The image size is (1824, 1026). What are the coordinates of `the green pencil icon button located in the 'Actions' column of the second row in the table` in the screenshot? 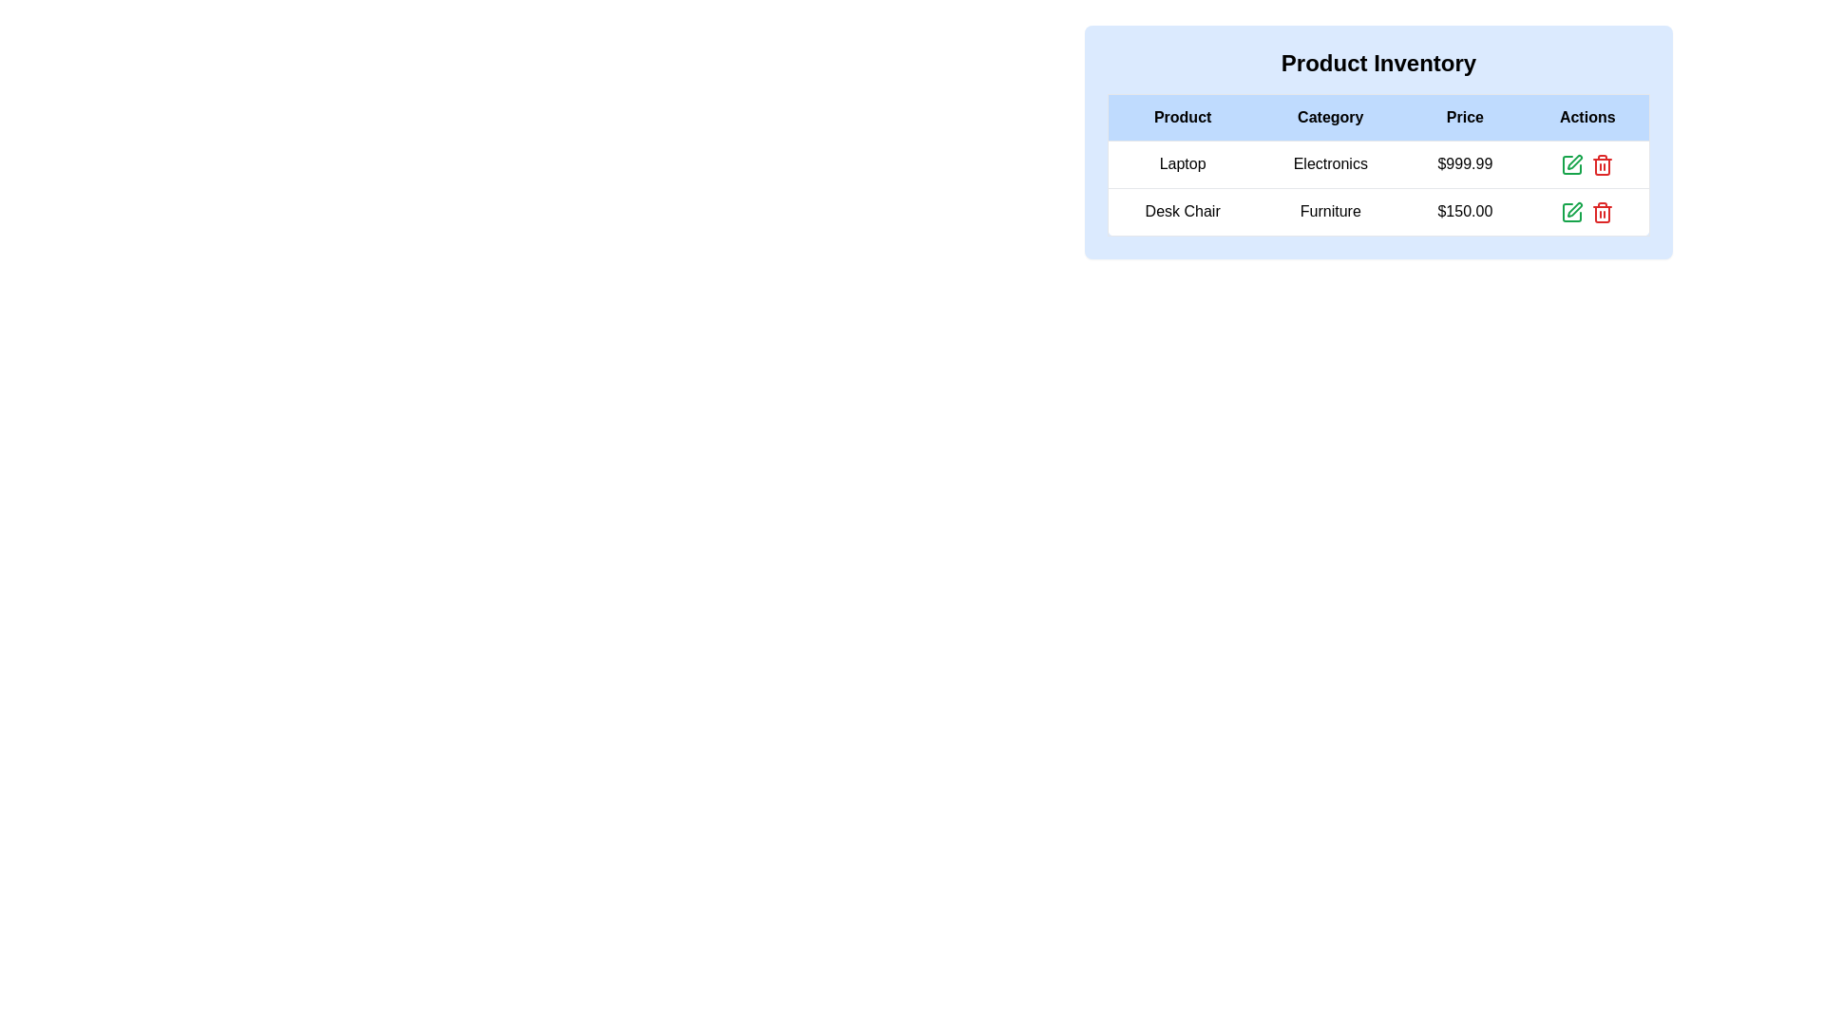 It's located at (1572, 163).